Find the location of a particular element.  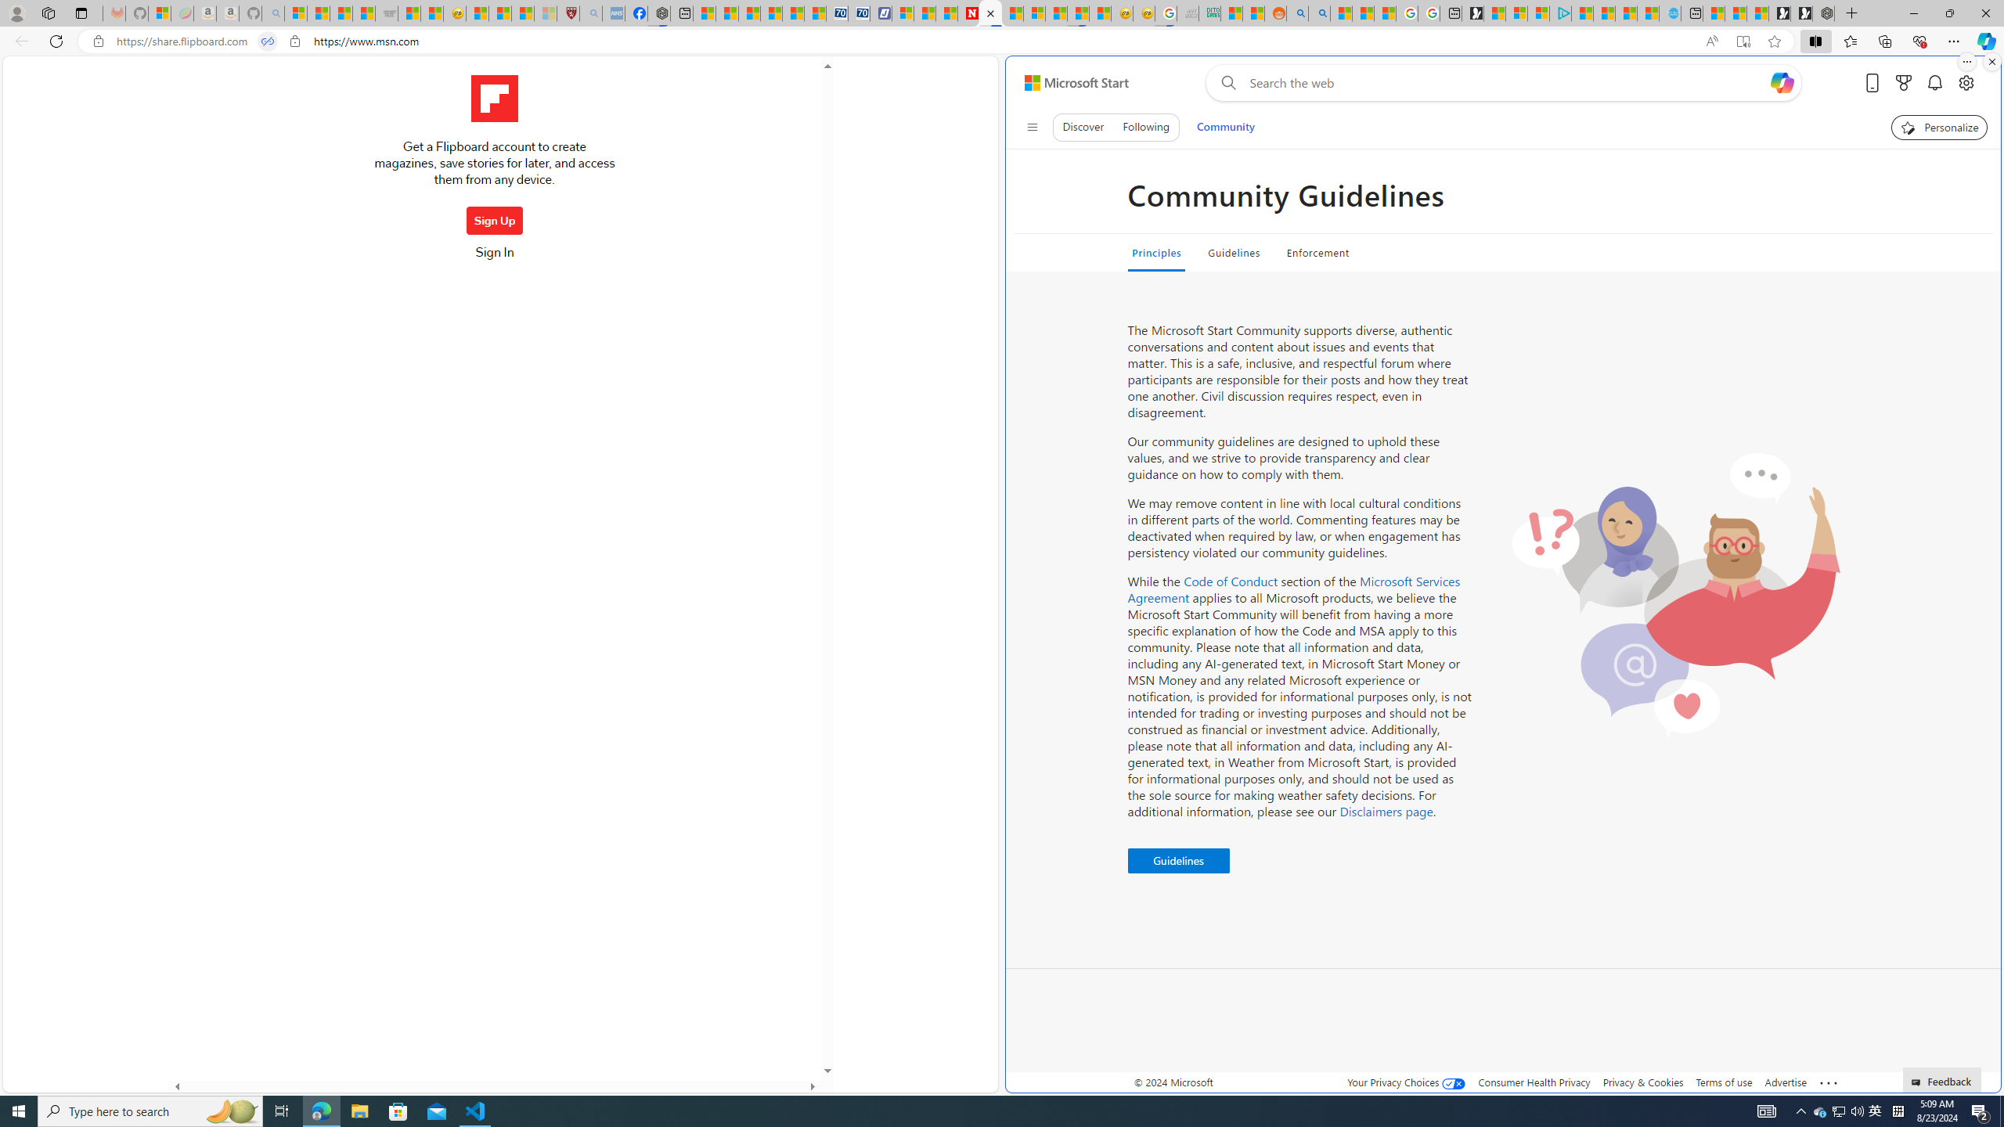

'Microsoft account | Privacy' is located at coordinates (1538, 13).